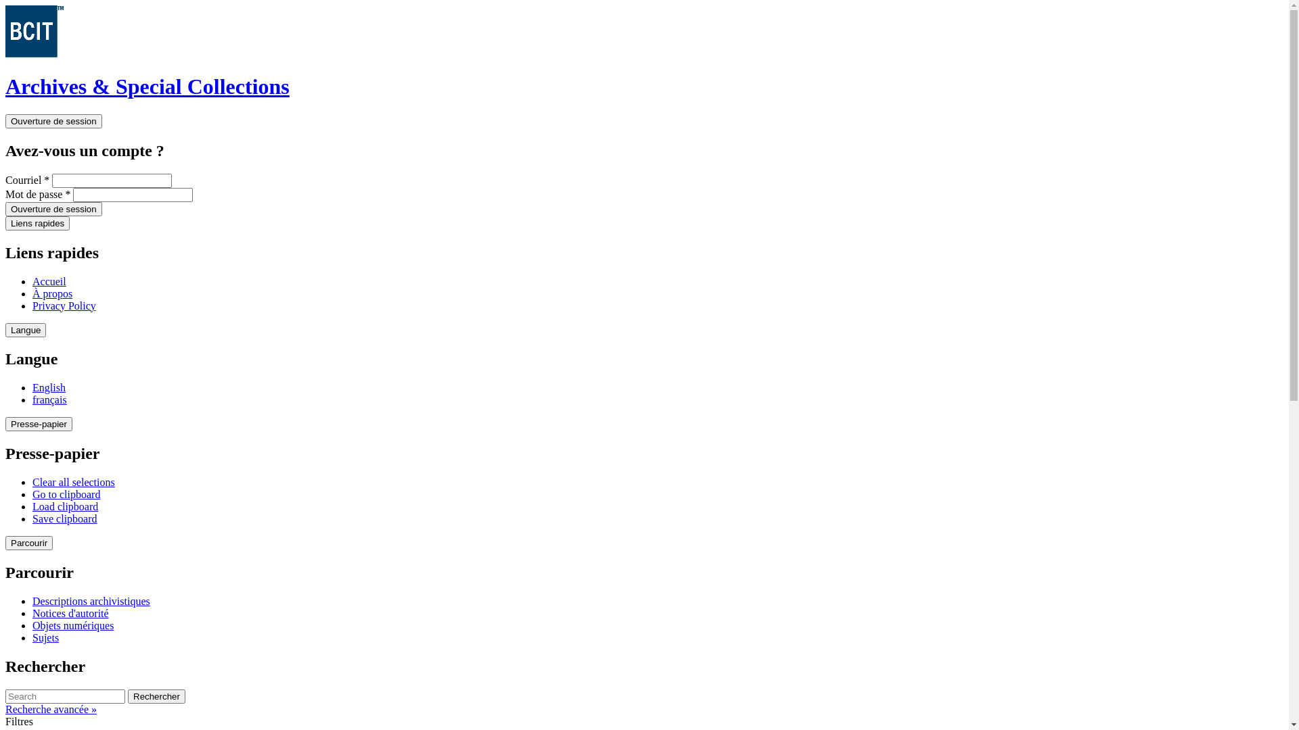 This screenshot has width=1299, height=730. I want to click on 'Accueil', so click(49, 281).